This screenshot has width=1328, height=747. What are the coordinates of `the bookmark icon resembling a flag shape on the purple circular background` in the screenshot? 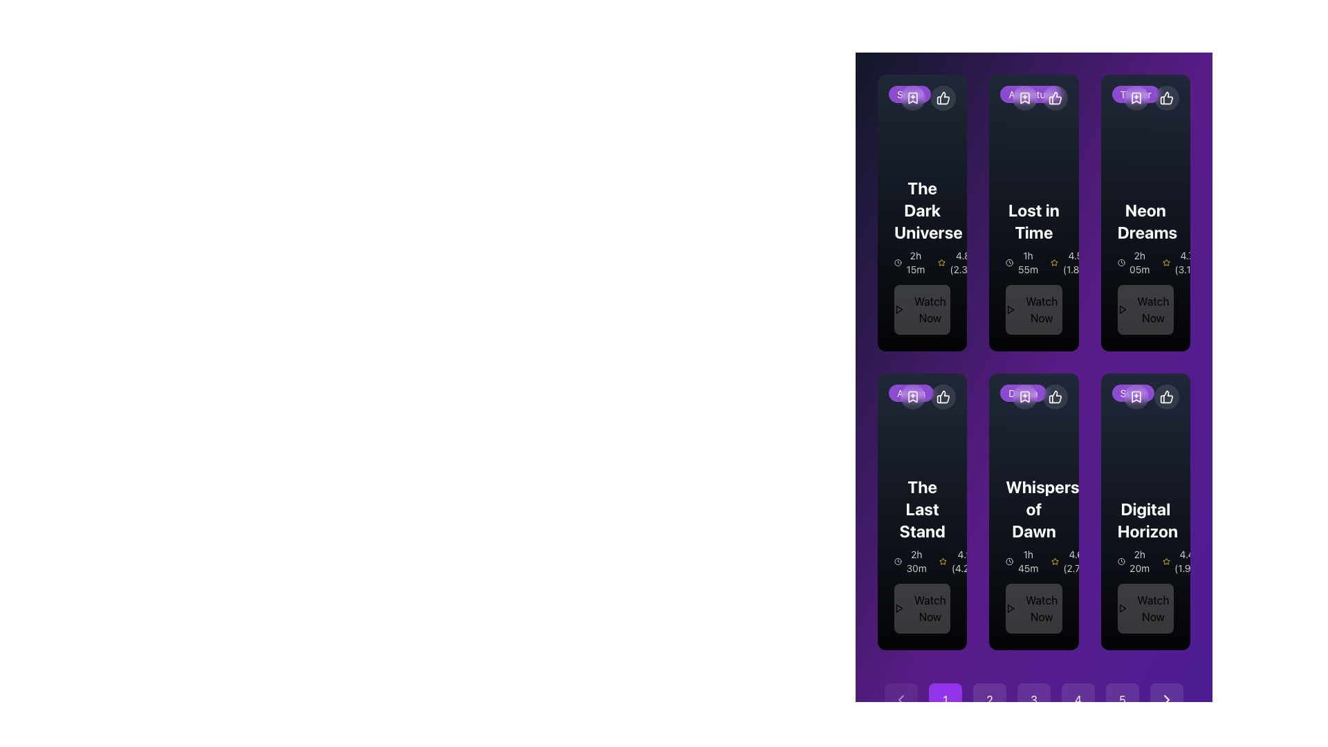 It's located at (1024, 397).